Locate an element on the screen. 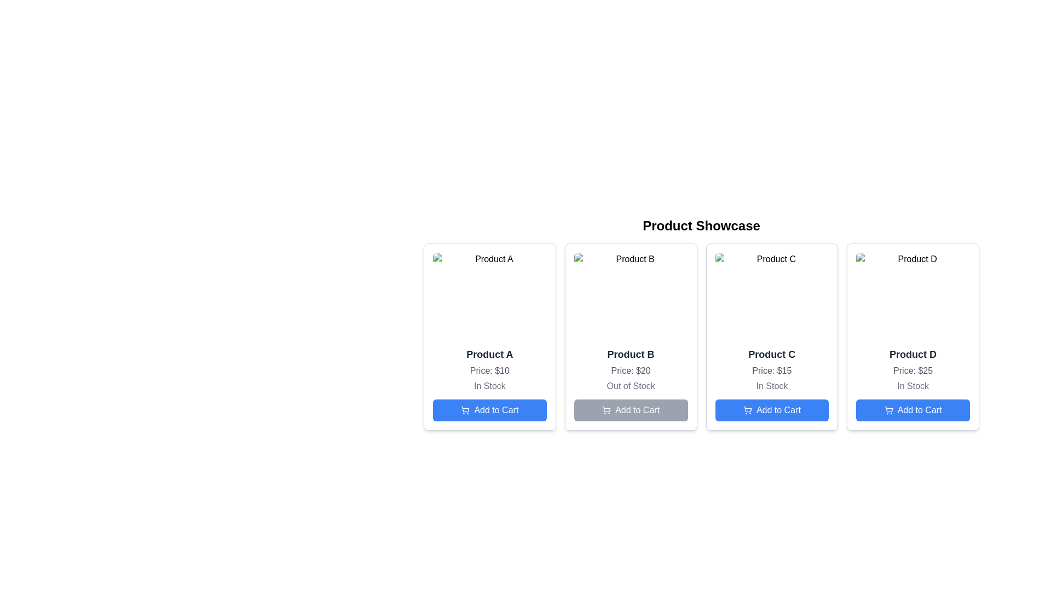 Image resolution: width=1051 pixels, height=591 pixels. the price information text for 'Product A', which is located below the title and above the stock availability text in the product details card is located at coordinates (489, 370).